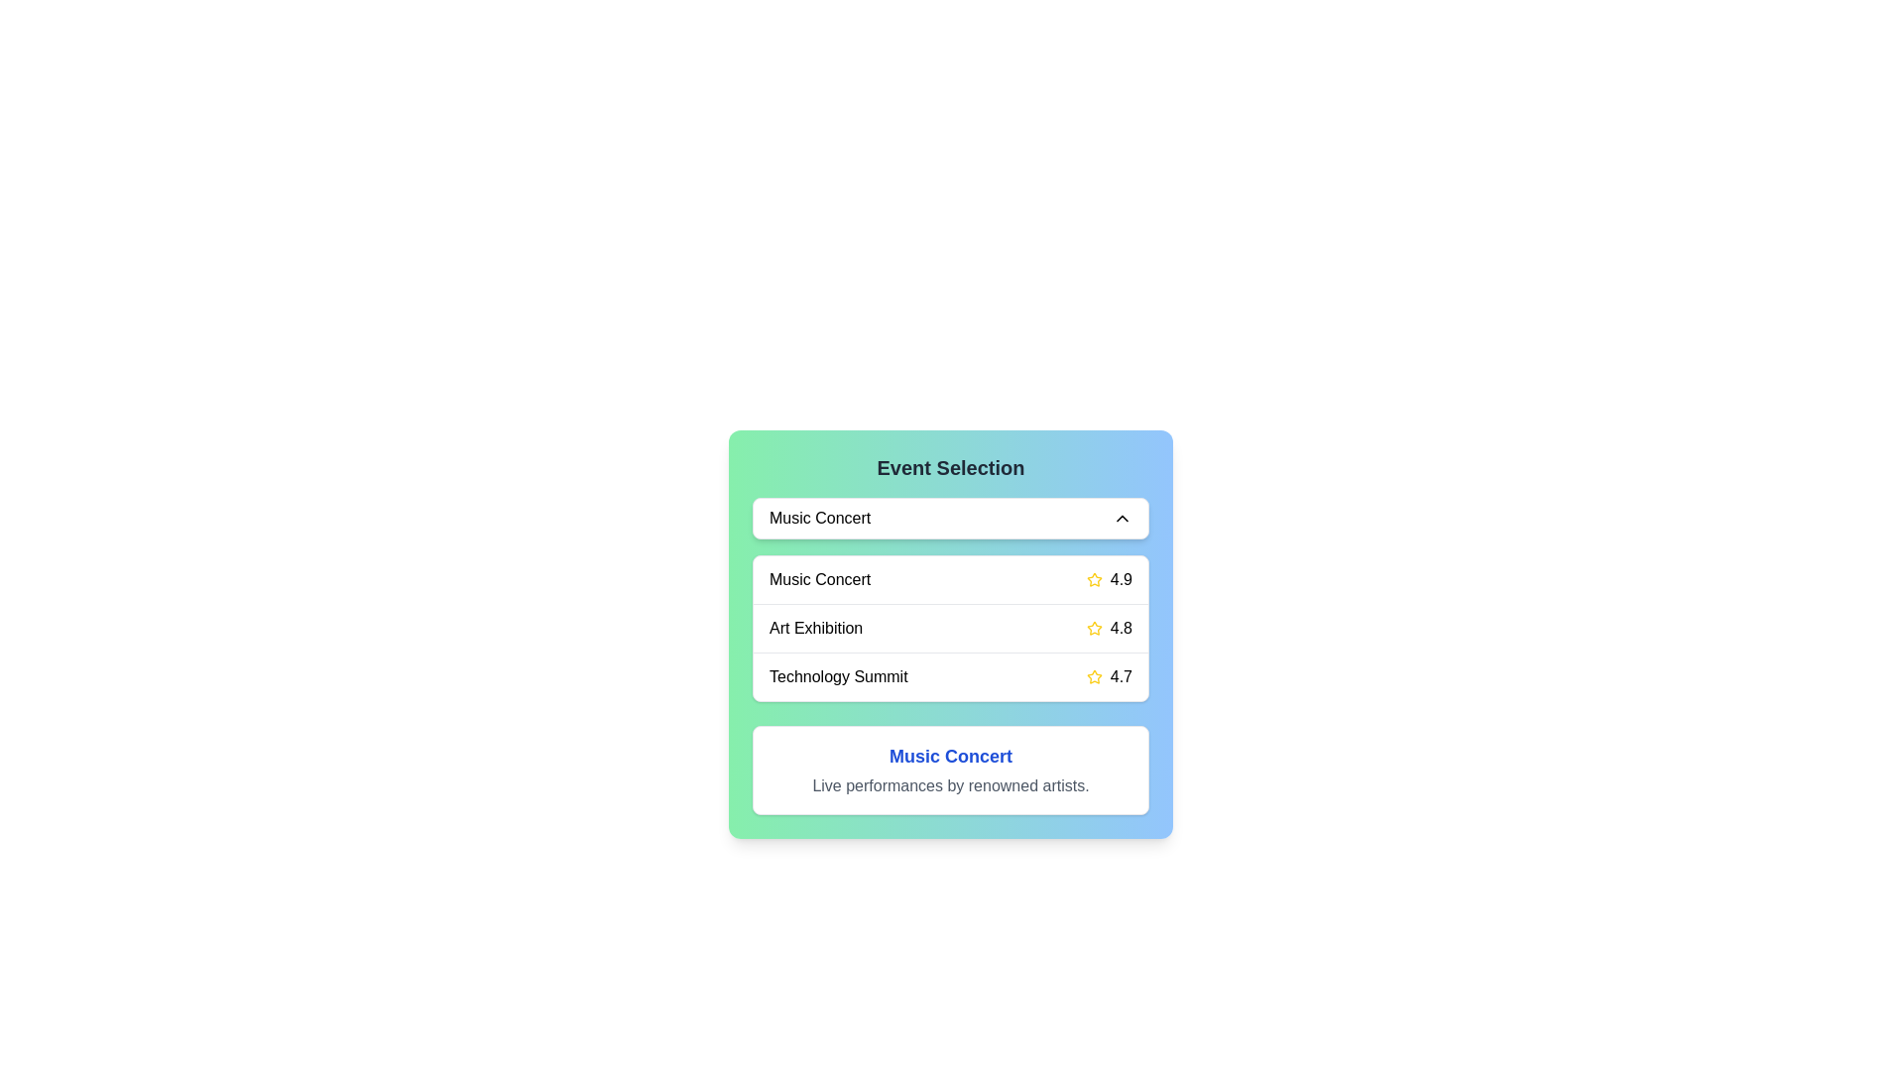  I want to click on the text label that contains 'Live performances by renowned artists.' which is styled in gray and located beneath the bold blue title 'Music Concert', so click(950, 785).